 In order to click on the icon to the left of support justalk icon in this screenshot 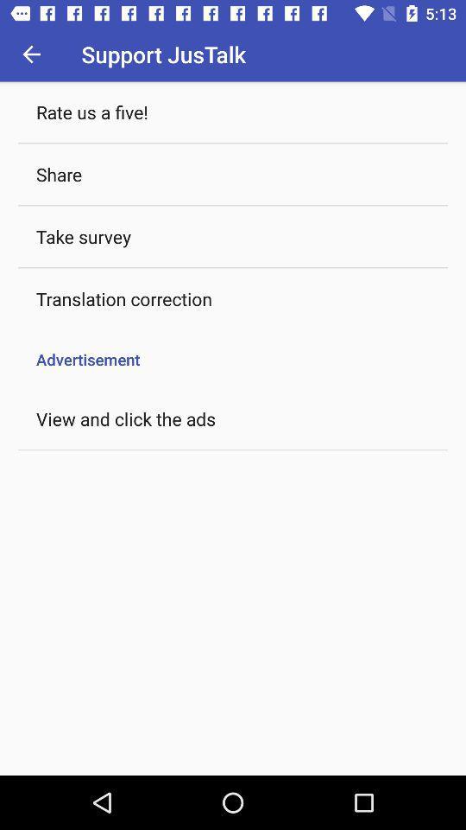, I will do `click(31, 54)`.